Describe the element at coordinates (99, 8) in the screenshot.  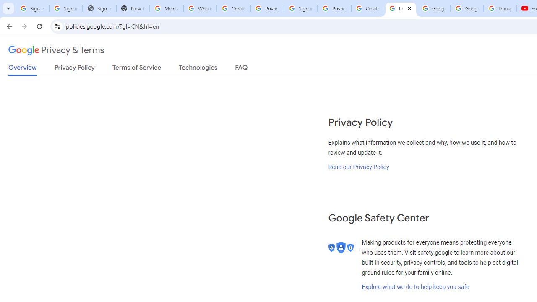
I see `'Sign In - USA TODAY'` at that location.